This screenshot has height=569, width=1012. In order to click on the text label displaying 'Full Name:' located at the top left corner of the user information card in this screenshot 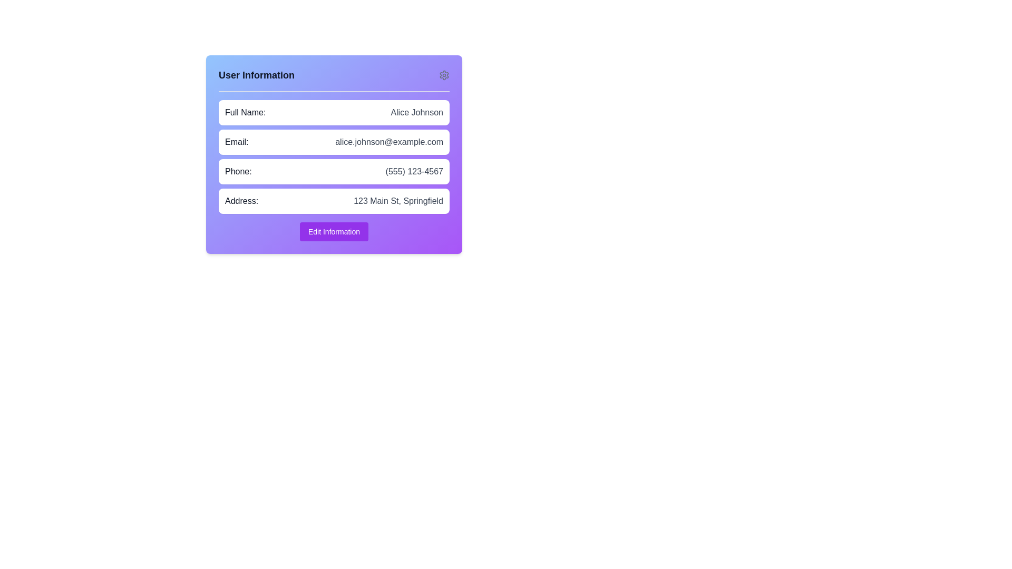, I will do `click(245, 112)`.